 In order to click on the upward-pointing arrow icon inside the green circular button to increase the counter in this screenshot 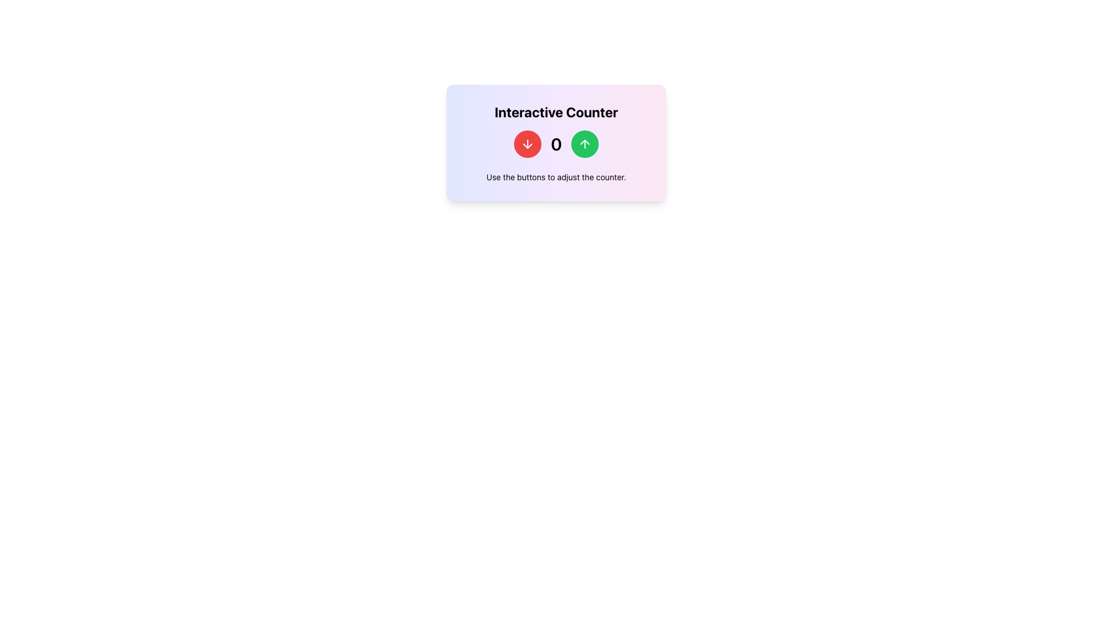, I will do `click(584, 143)`.